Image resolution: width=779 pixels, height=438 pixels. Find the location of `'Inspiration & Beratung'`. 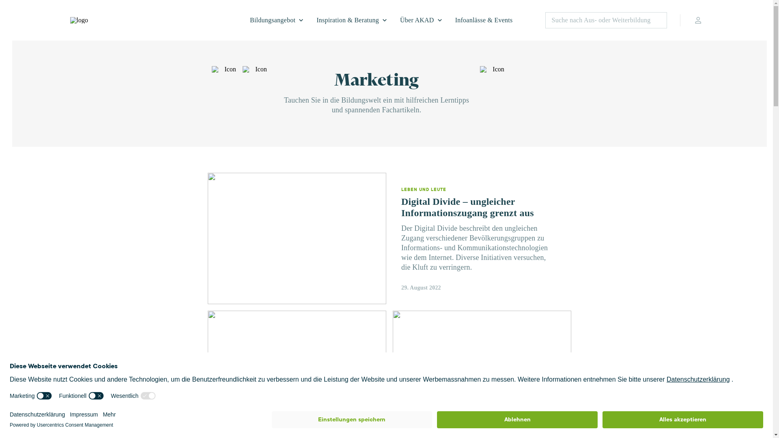

'Inspiration & Beratung' is located at coordinates (352, 20).